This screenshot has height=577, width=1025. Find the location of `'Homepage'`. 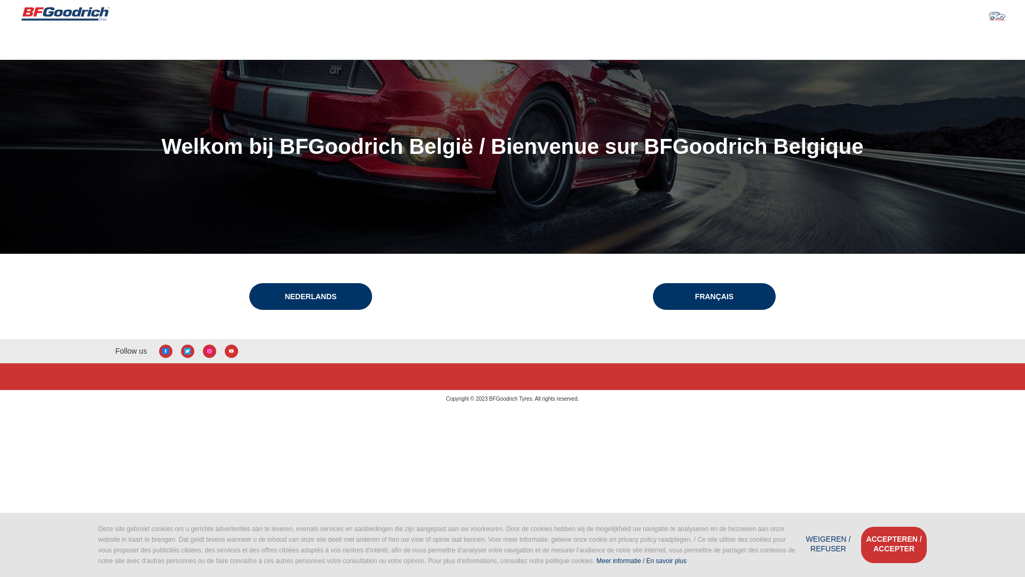

'Homepage' is located at coordinates (65, 14).